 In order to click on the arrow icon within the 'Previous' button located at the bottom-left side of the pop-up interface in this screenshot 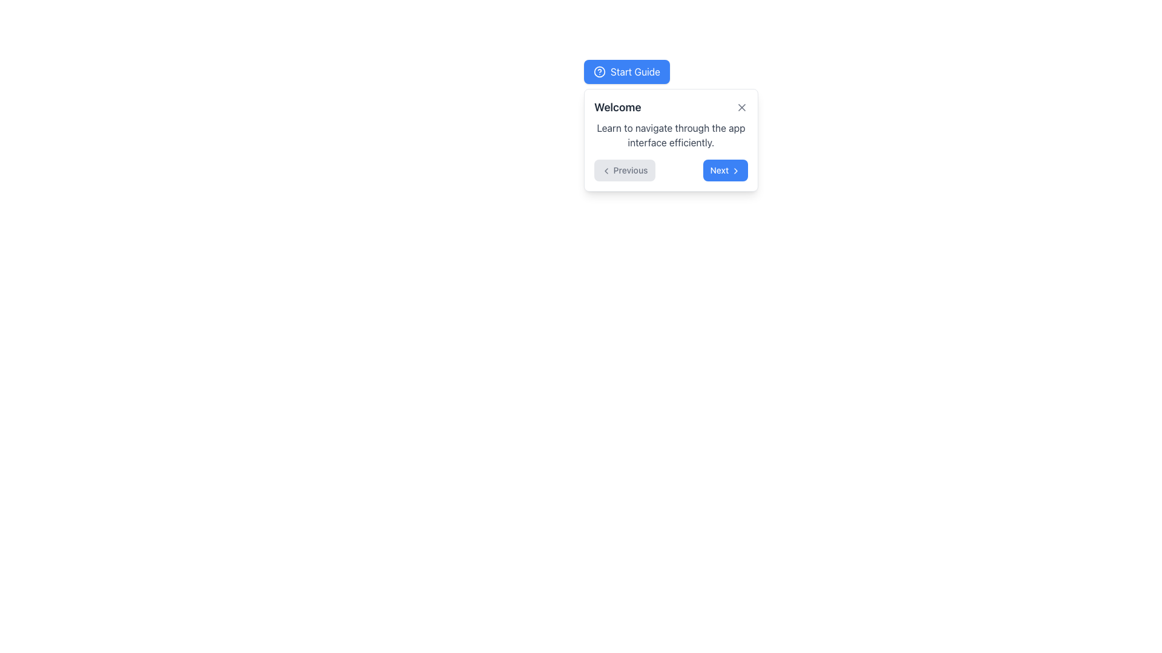, I will do `click(606, 171)`.